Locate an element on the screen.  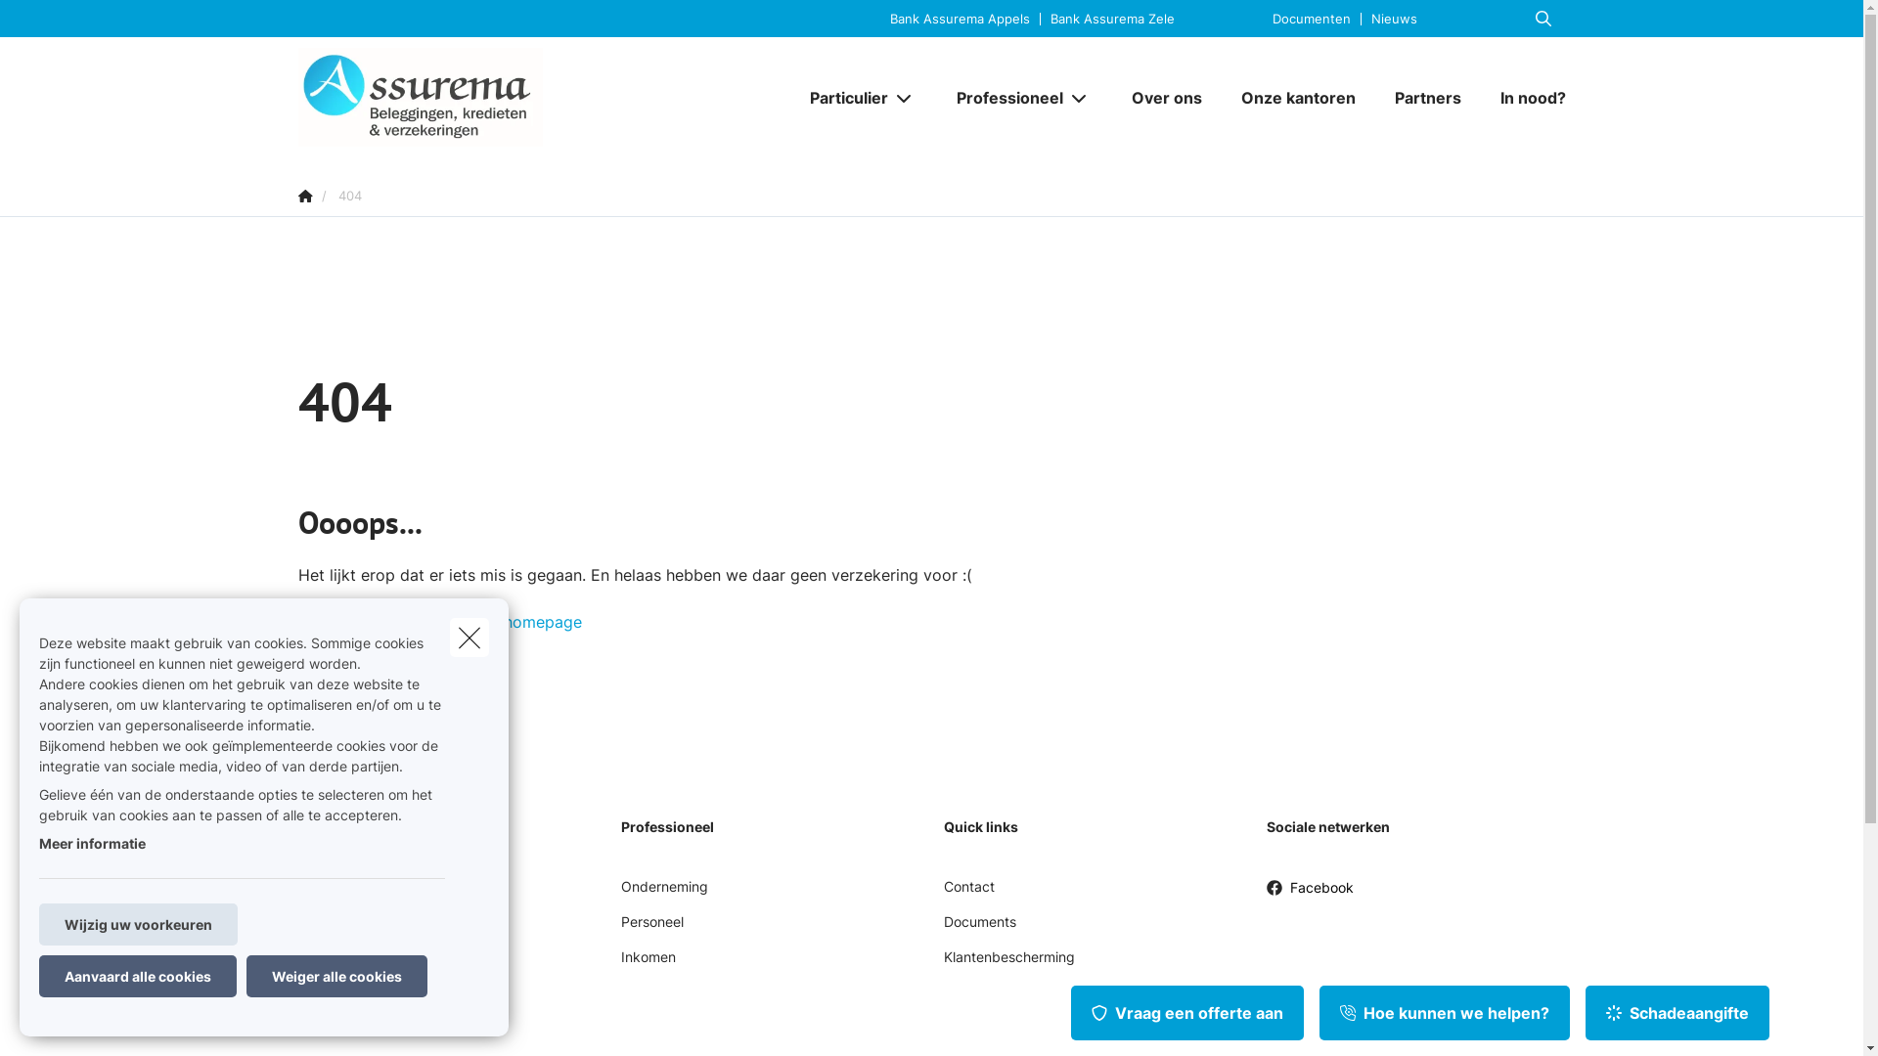
'Inkomen' is located at coordinates (618, 963).